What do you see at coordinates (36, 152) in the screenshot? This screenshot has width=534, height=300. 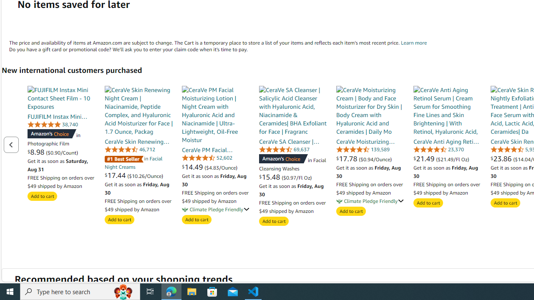 I see `'$8.98 '` at bounding box center [36, 152].